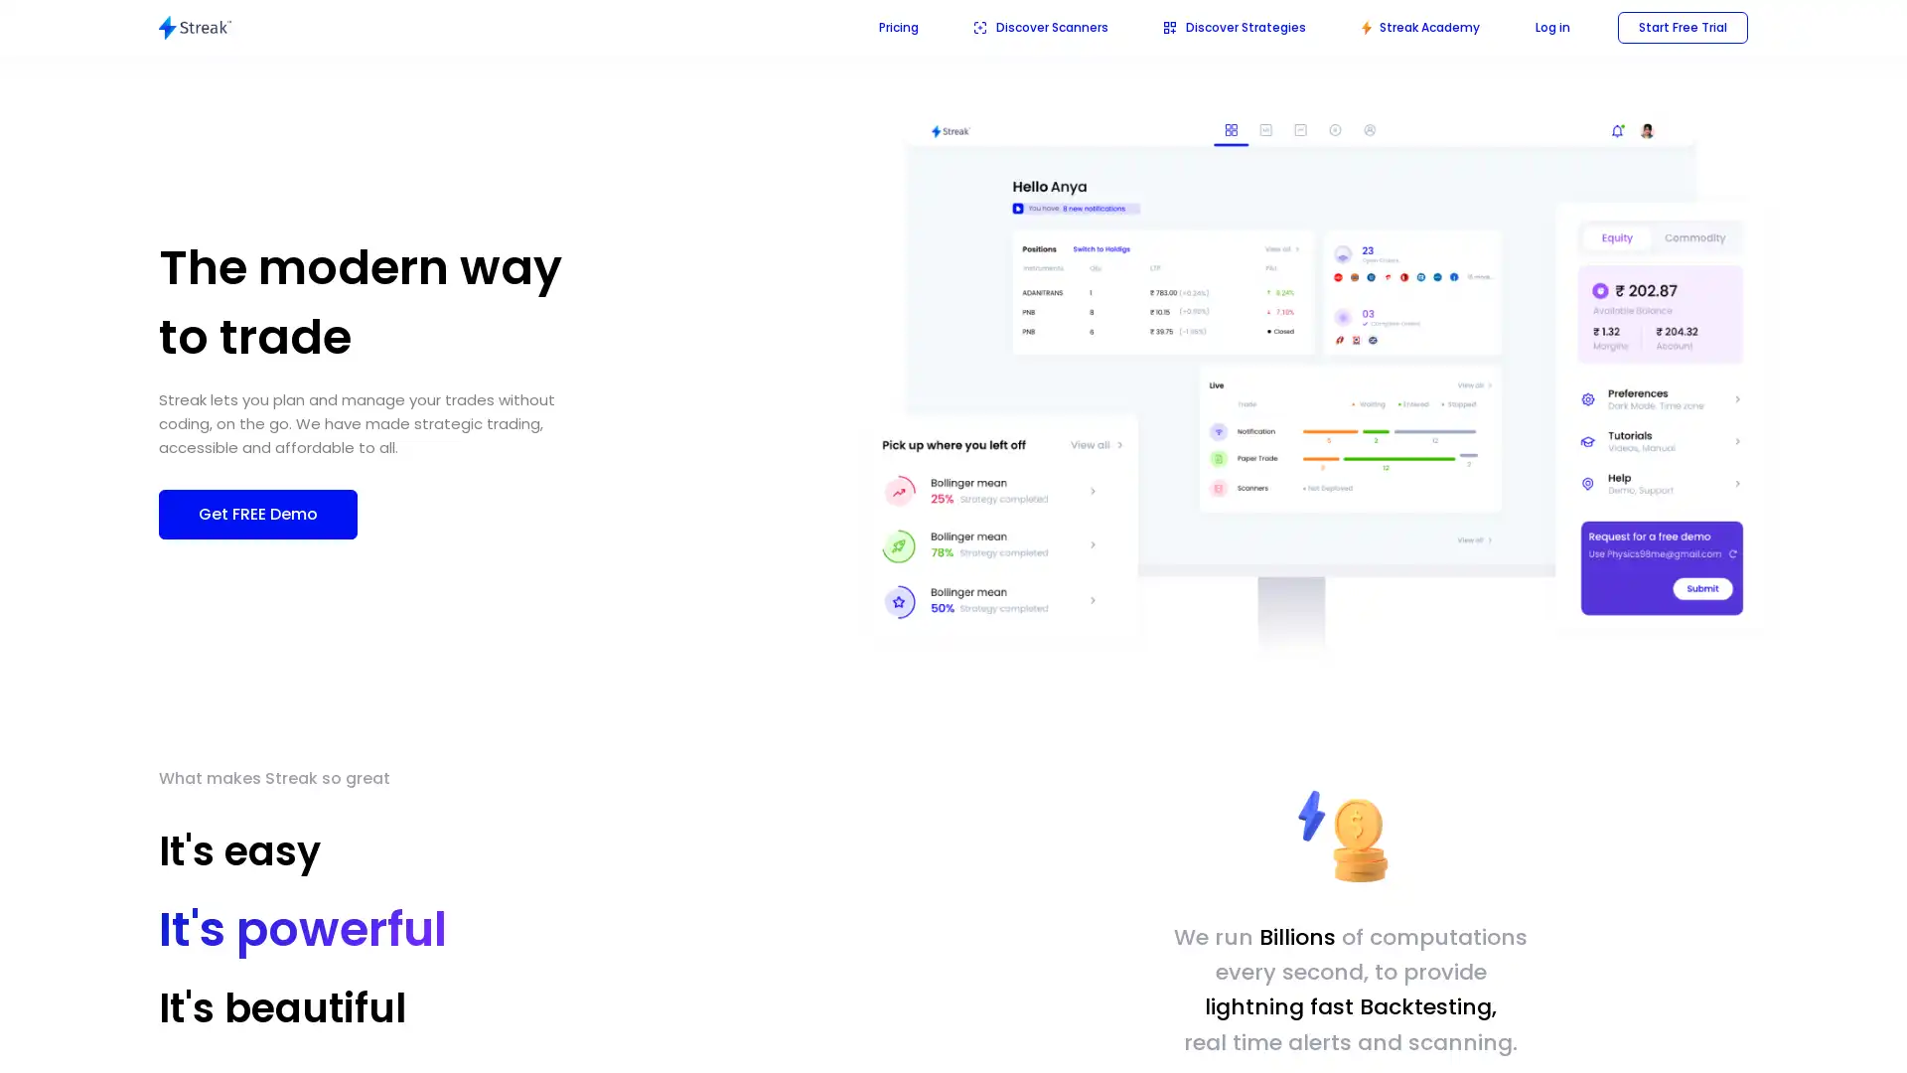 The image size is (1907, 1073). What do you see at coordinates (304, 1000) in the screenshot?
I see `It's beautiful` at bounding box center [304, 1000].